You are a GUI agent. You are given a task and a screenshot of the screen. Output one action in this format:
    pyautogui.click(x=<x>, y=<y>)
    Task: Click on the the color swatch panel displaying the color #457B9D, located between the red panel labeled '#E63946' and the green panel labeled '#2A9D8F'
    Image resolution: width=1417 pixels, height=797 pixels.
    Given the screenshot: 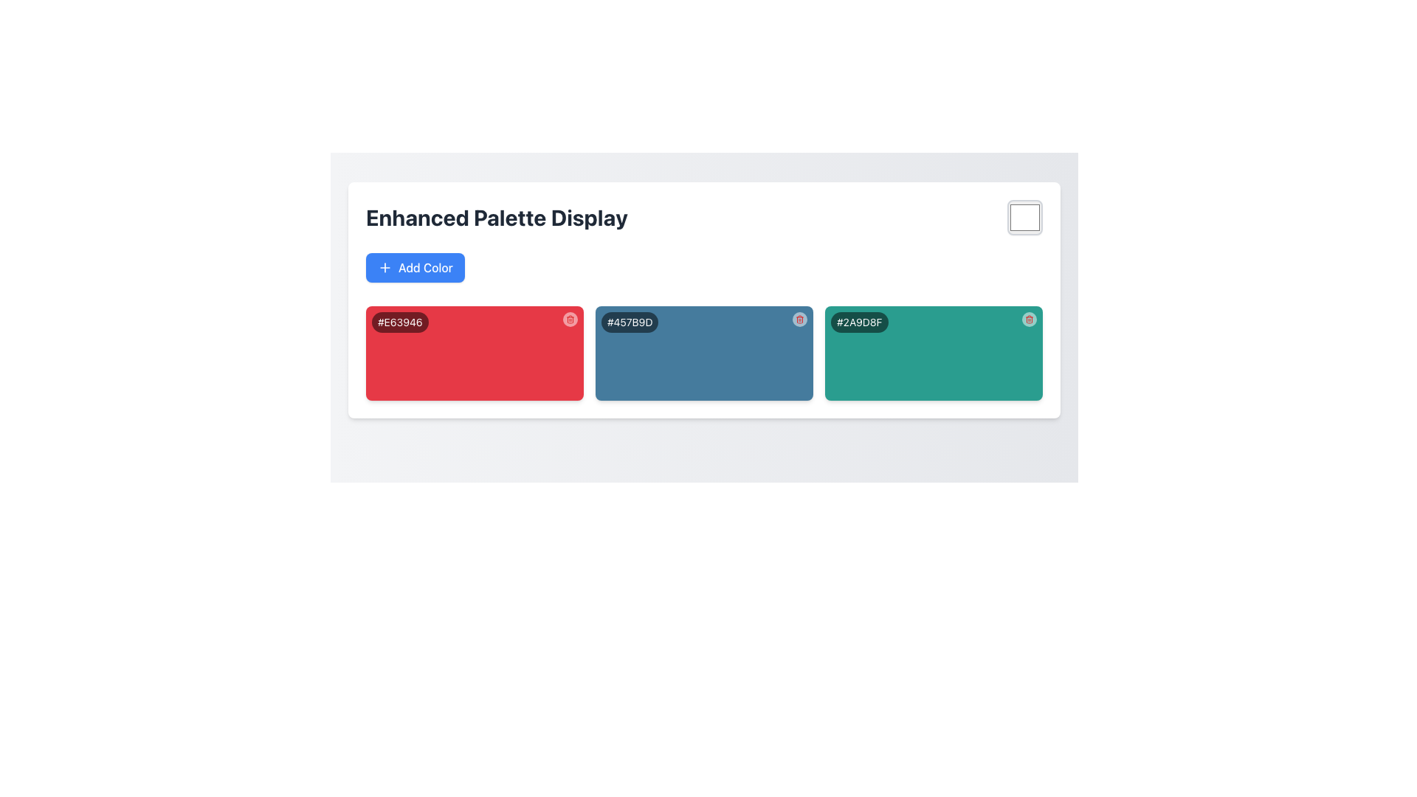 What is the action you would take?
    pyautogui.click(x=703, y=353)
    